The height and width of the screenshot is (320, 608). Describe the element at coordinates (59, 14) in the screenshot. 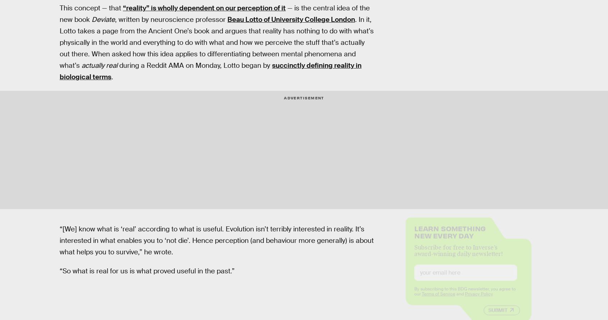

I see `'— is the central idea of the new book'` at that location.